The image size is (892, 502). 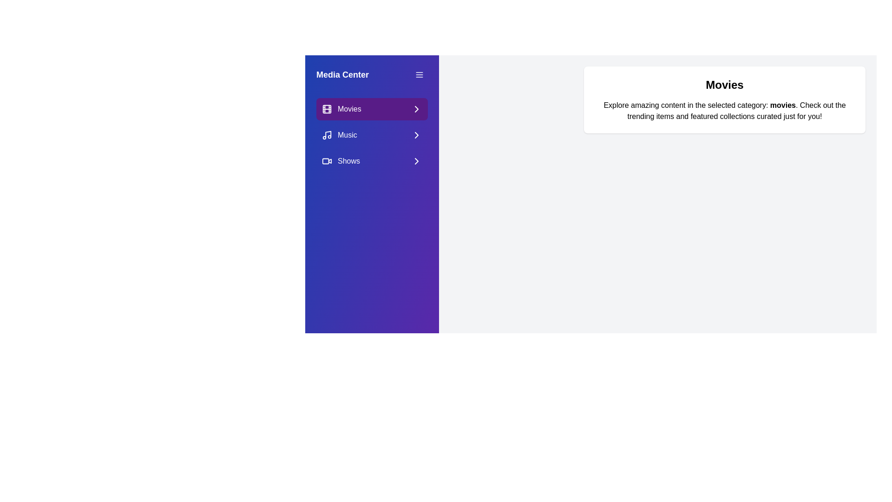 I want to click on the 'Music' navigation button located in the left menu panel, positioned directly below the 'Movies' button and above the 'Shows' button, so click(x=372, y=135).